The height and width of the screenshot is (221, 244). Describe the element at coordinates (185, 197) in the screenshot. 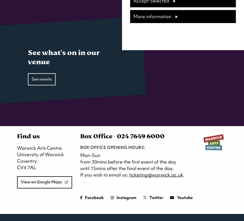

I see `'Youtube'` at that location.